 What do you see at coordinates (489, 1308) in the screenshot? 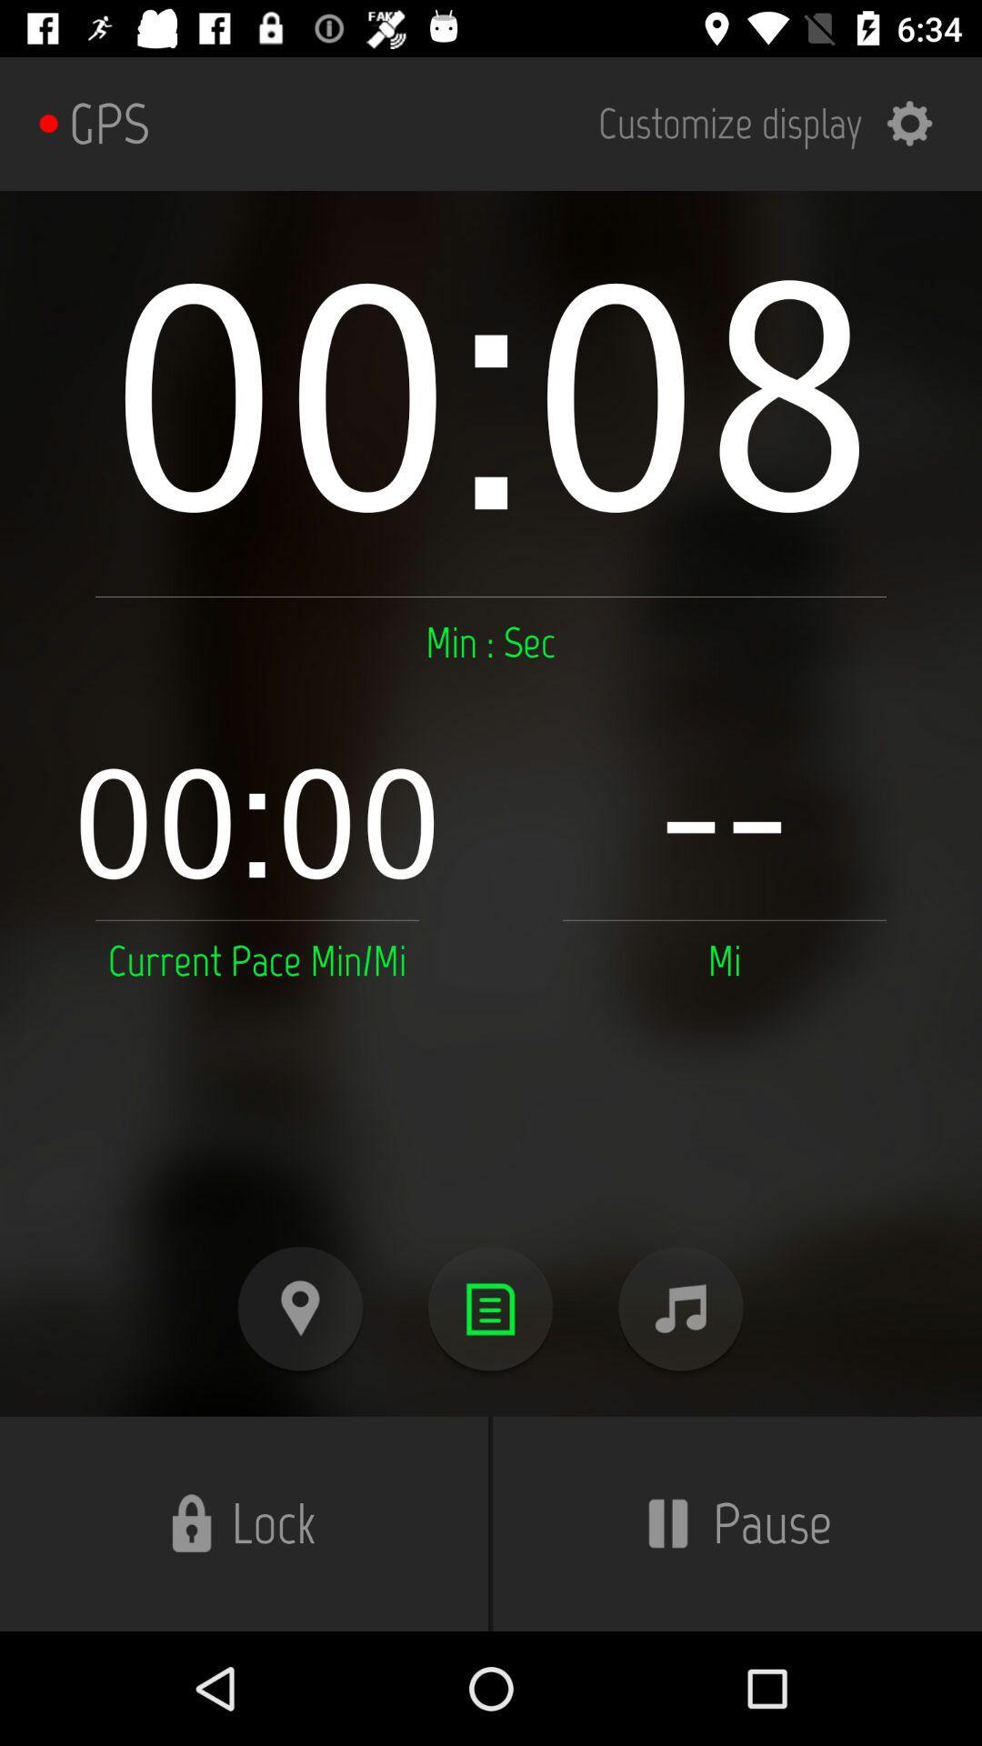
I see `the description icon` at bounding box center [489, 1308].